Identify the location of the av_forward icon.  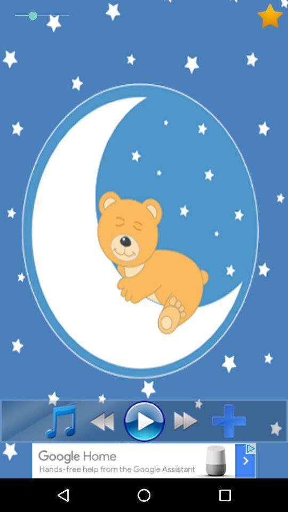
(188, 421).